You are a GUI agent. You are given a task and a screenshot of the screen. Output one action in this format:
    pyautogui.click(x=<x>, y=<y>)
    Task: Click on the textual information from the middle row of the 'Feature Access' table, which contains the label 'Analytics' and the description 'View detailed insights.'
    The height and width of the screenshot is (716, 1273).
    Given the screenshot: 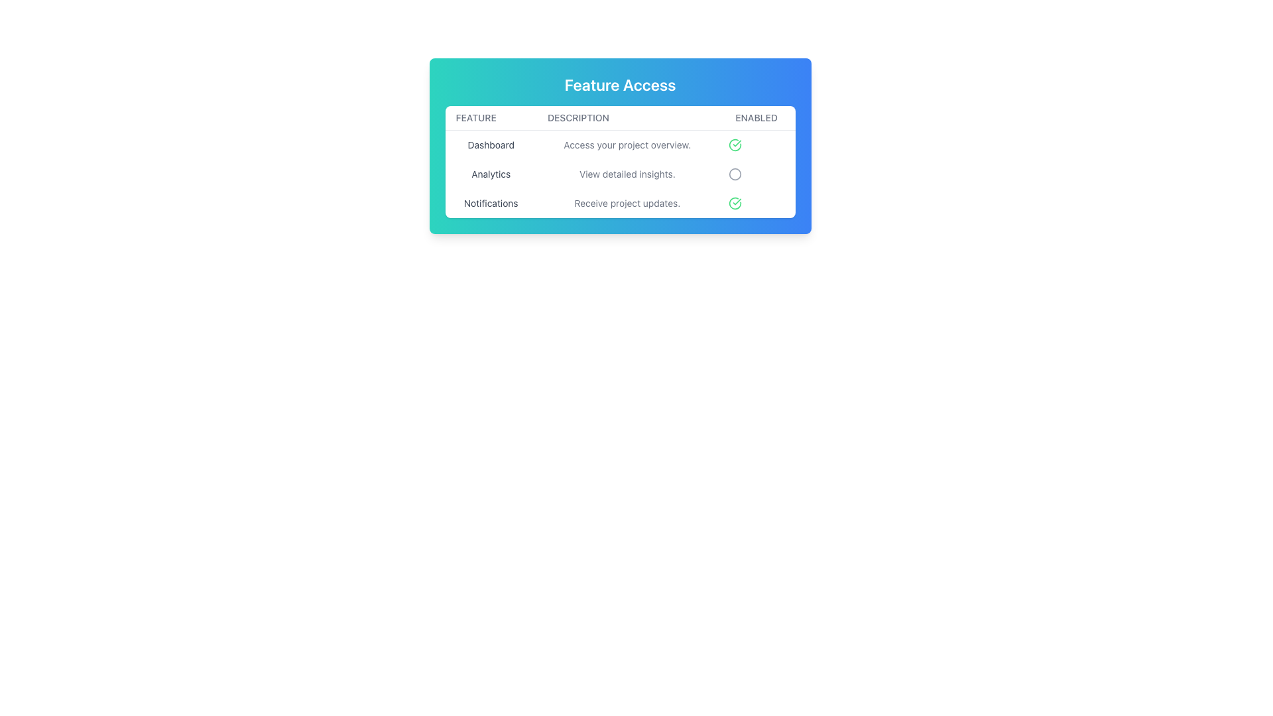 What is the action you would take?
    pyautogui.click(x=619, y=173)
    